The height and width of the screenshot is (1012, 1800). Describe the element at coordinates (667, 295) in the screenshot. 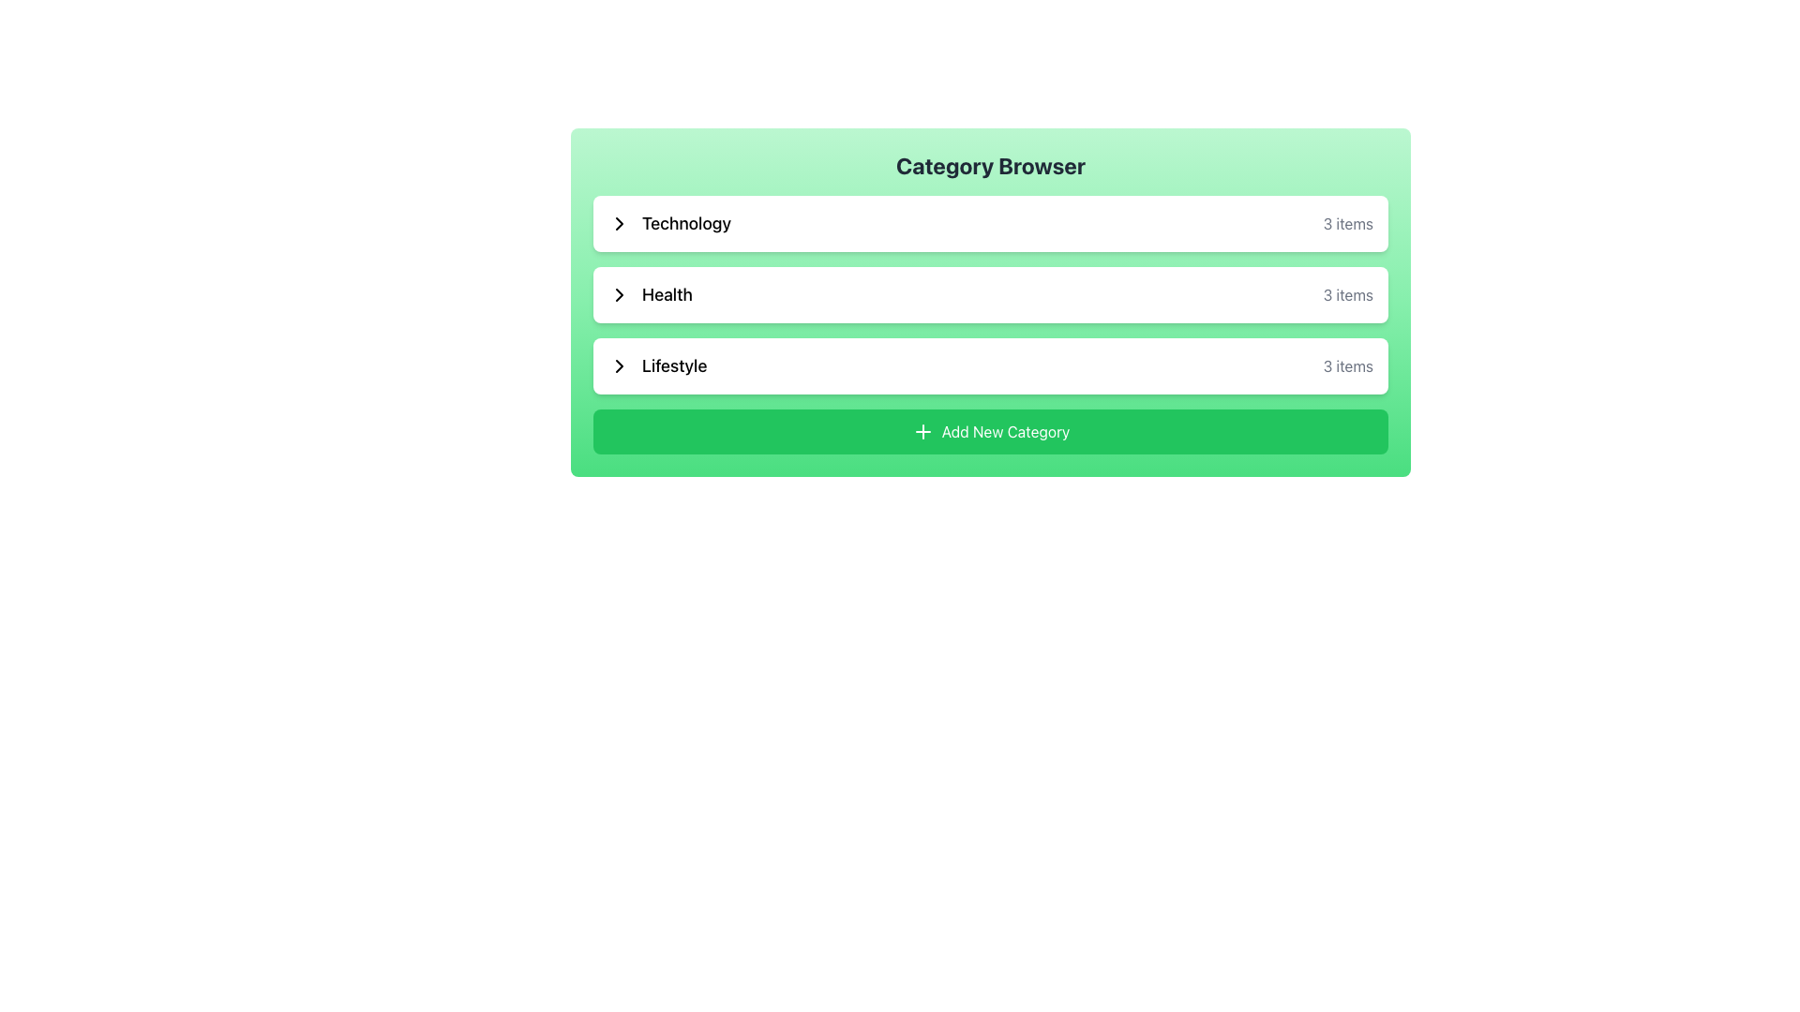

I see `the 'Health' text label, which is a bold and prominent label located between the 'Technology' and 'Lifestyle' categories in the sidebar menu` at that location.